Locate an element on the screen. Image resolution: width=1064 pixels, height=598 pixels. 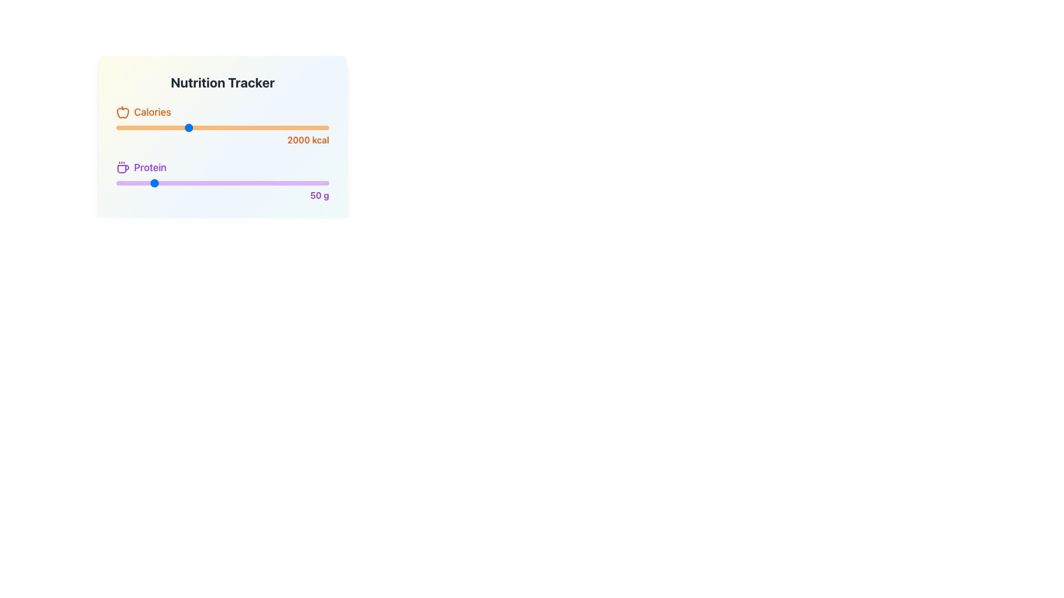
nutritional information displayed in the multi-line text section of the 'Nutrition Tracker' card, located below the title and above the 'Save Settings' button is located at coordinates (222, 181).